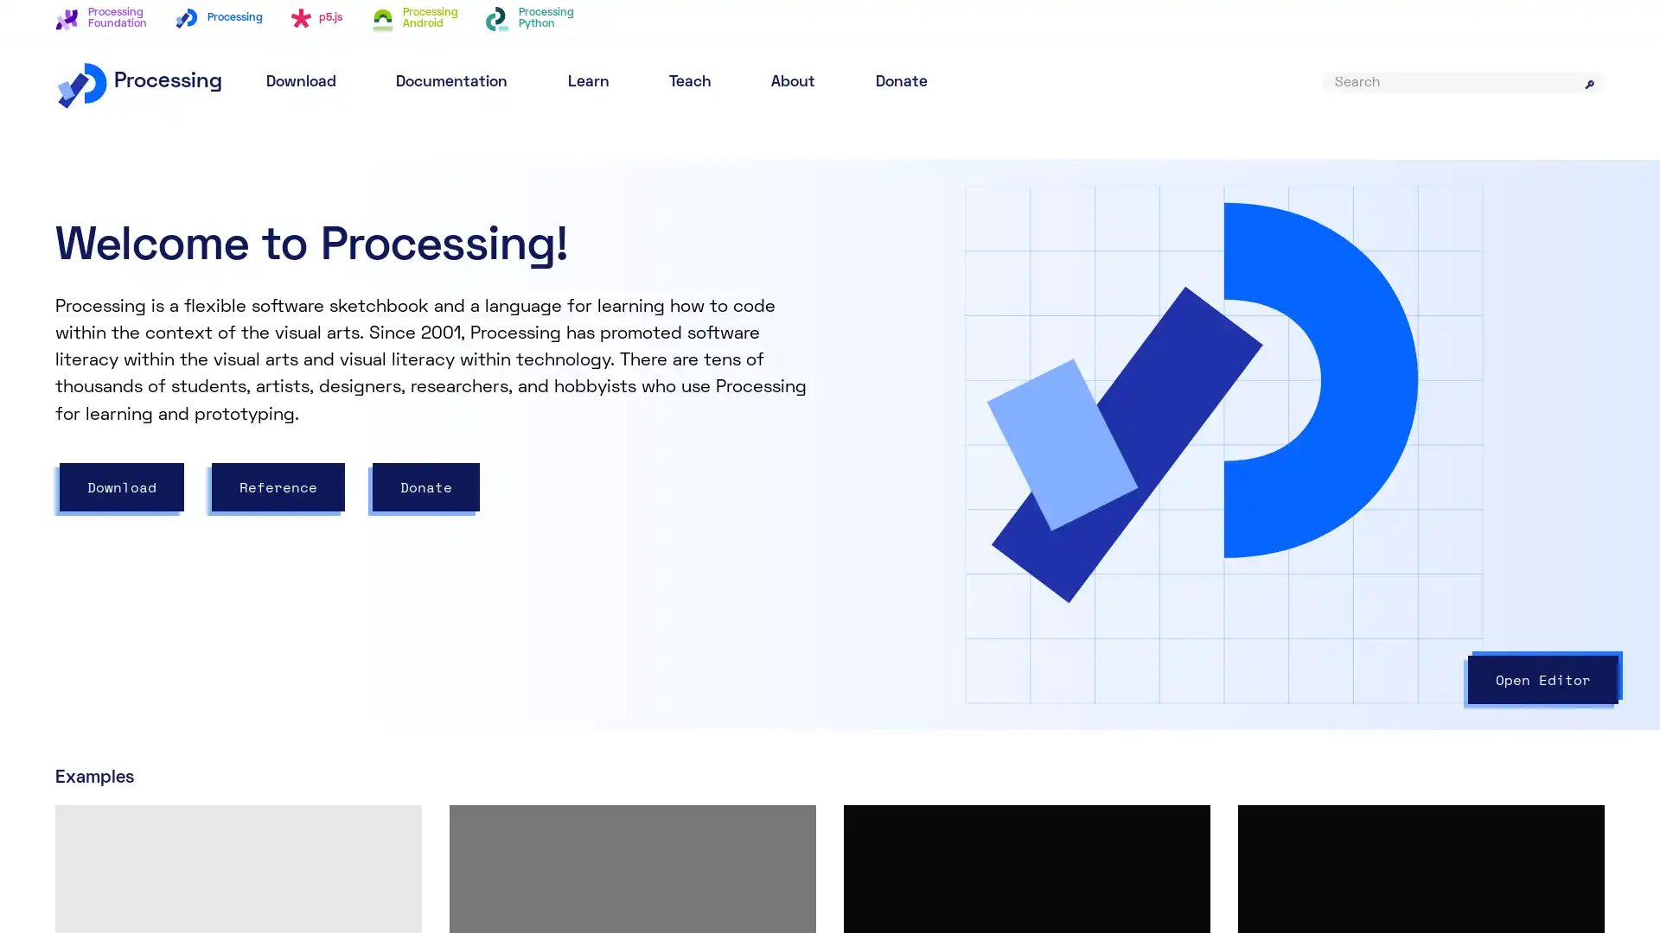 The image size is (1660, 933). I want to click on change position, so click(1318, 473).